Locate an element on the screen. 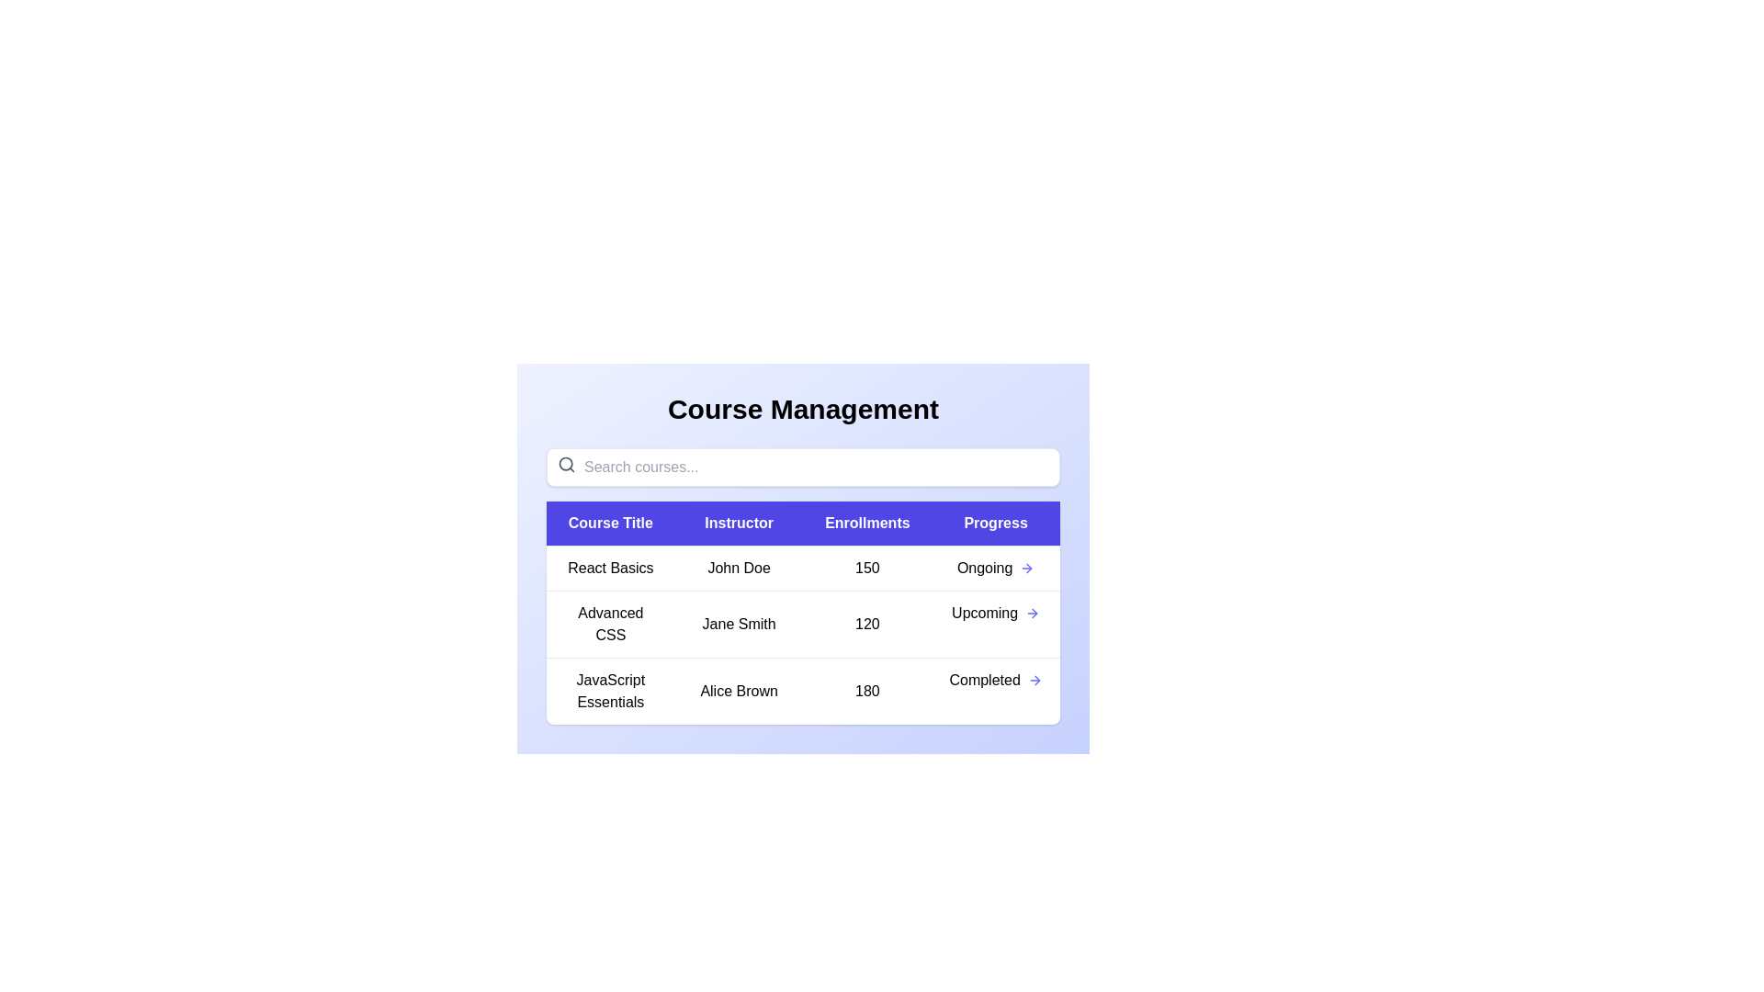  the column header Course Title to sort or filter the courses is located at coordinates (610, 524).